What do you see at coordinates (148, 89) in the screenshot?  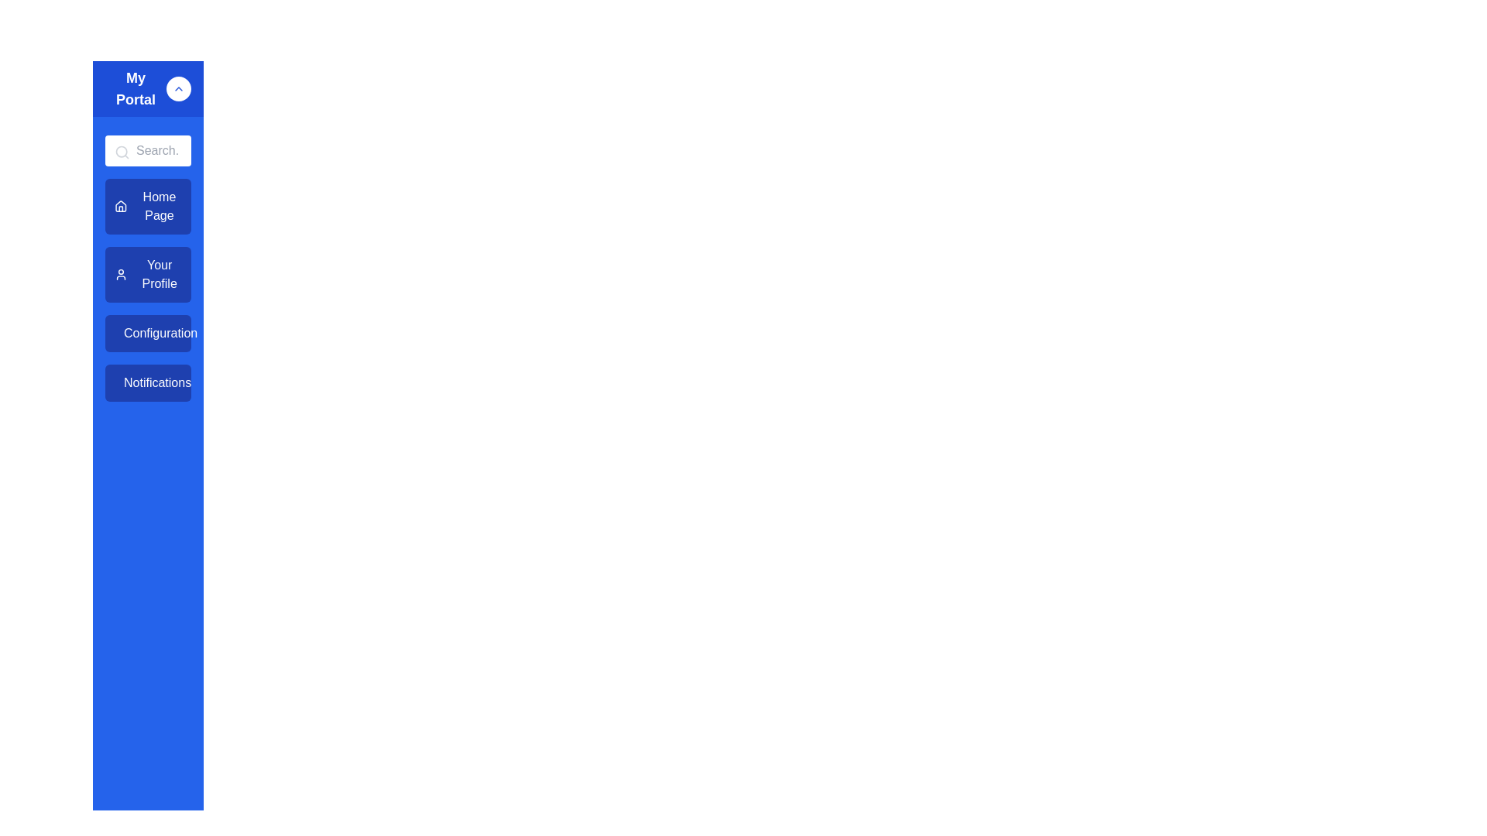 I see `the chevron button on the Header with a collapsible menu` at bounding box center [148, 89].